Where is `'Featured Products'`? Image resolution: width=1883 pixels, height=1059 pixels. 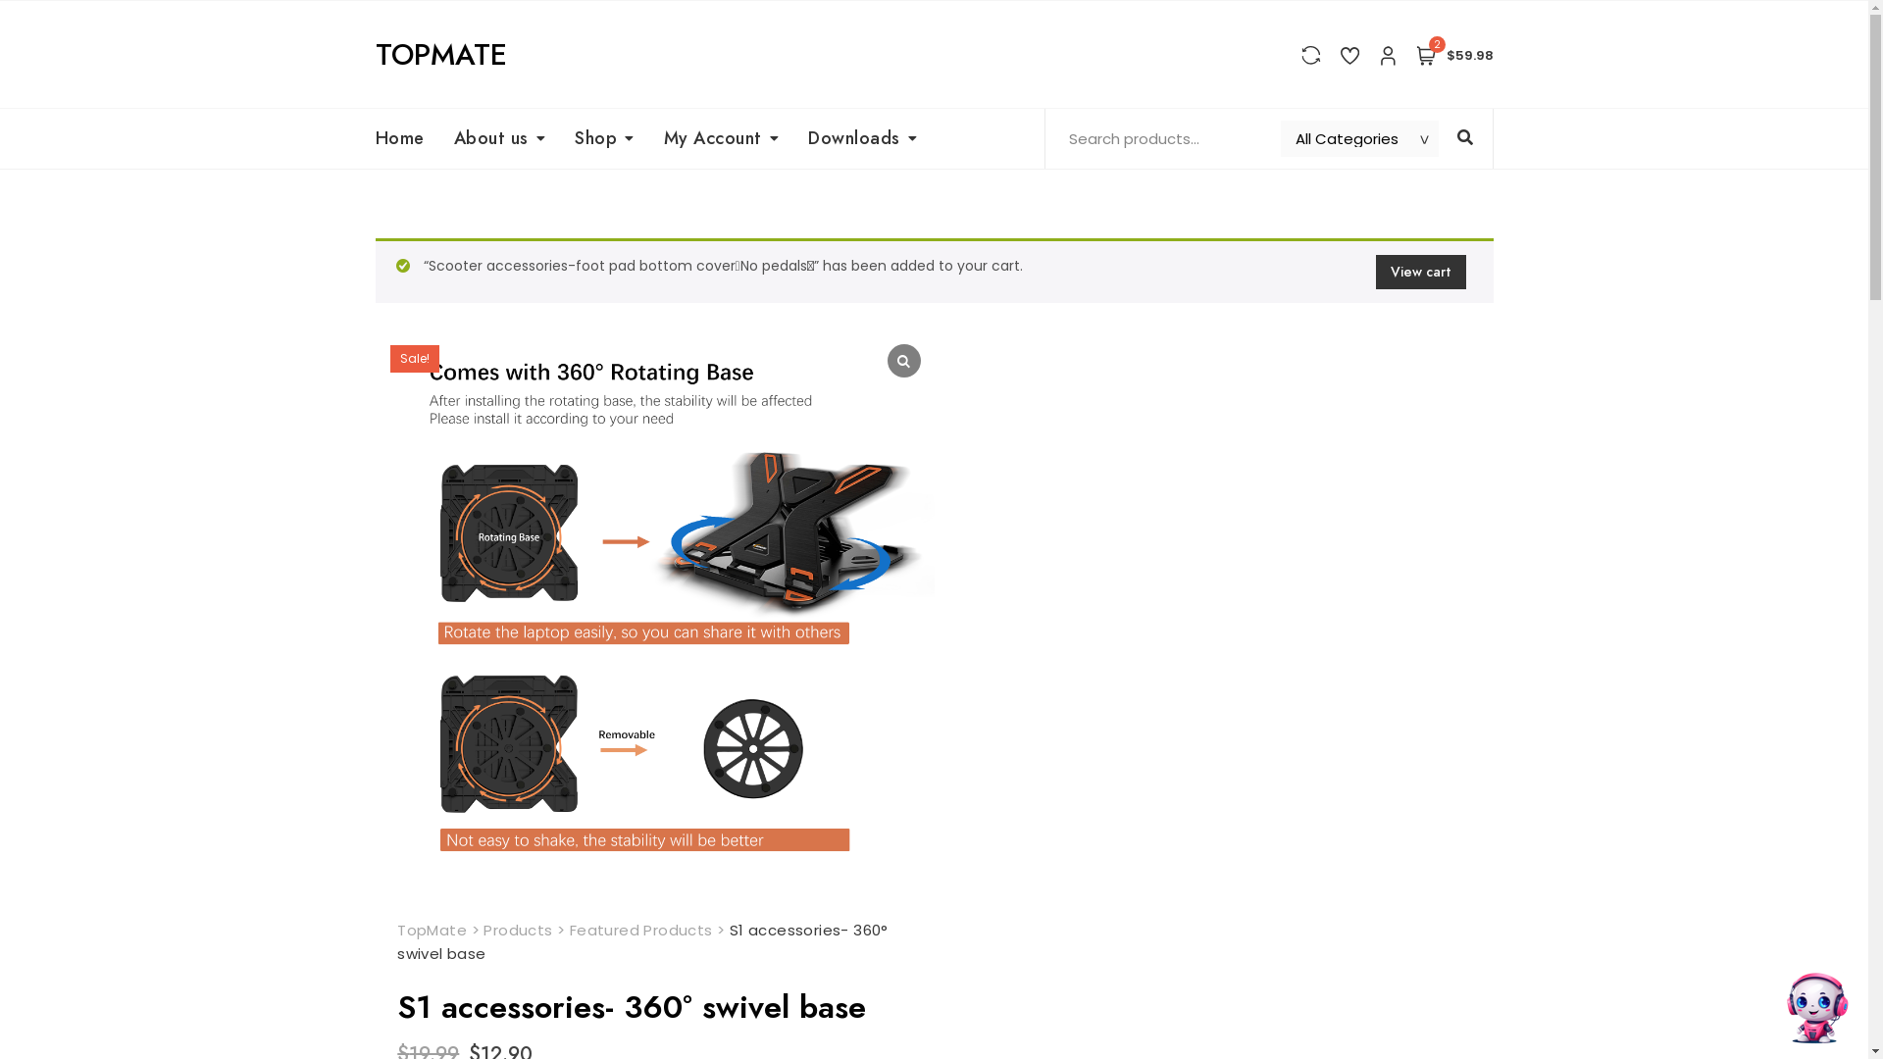
'Featured Products' is located at coordinates (568, 929).